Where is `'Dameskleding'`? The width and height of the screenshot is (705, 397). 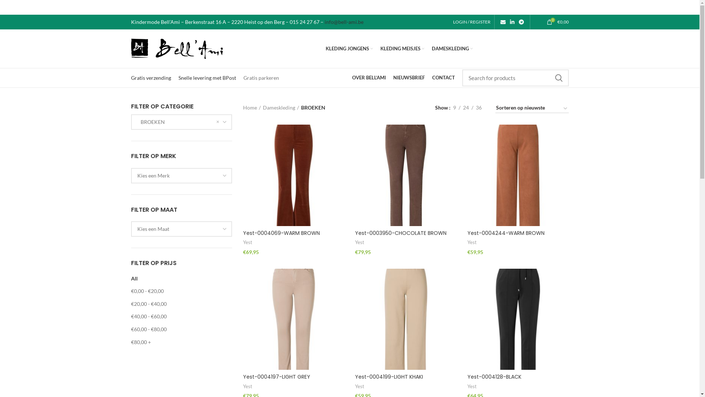
'Dameskleding' is located at coordinates (280, 108).